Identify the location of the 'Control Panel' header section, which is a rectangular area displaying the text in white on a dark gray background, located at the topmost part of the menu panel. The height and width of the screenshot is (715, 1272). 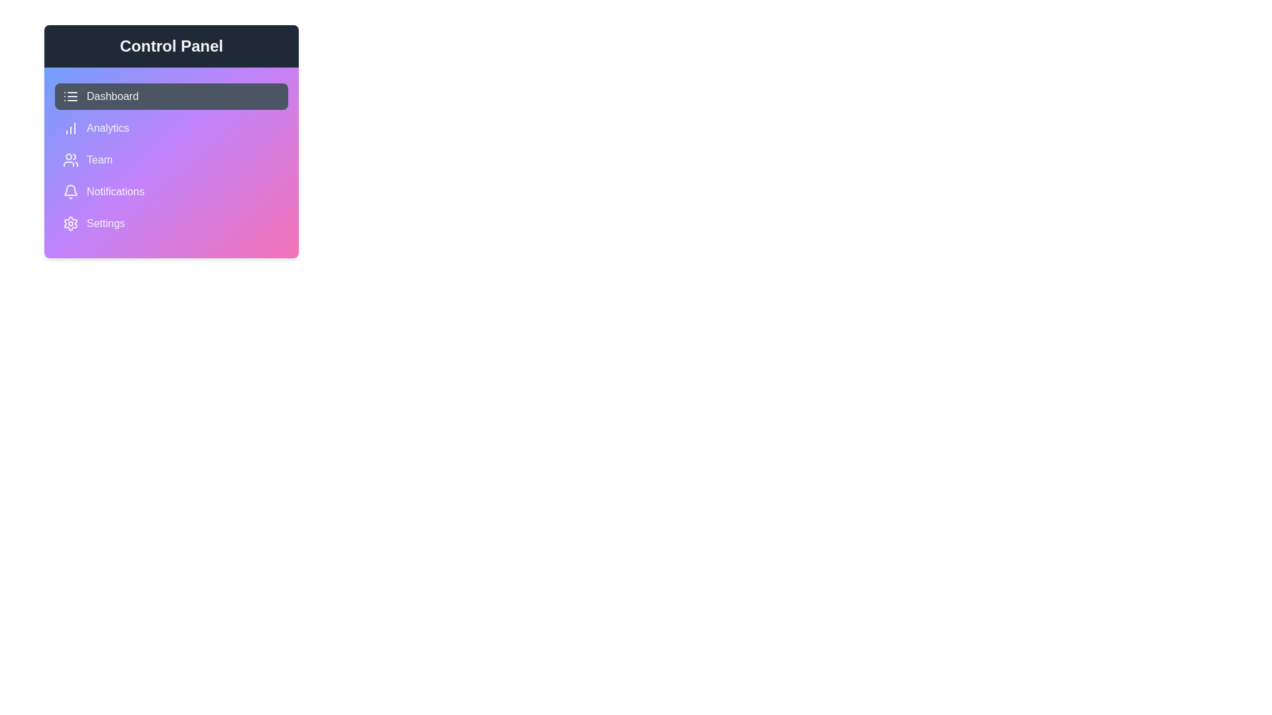
(171, 45).